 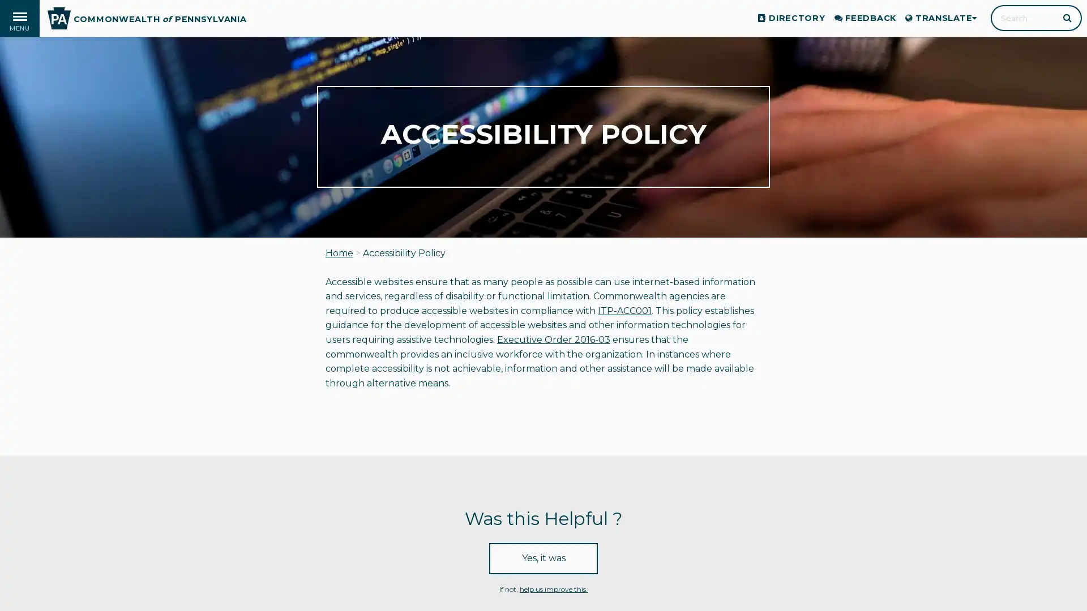 I want to click on Search, so click(x=1068, y=17).